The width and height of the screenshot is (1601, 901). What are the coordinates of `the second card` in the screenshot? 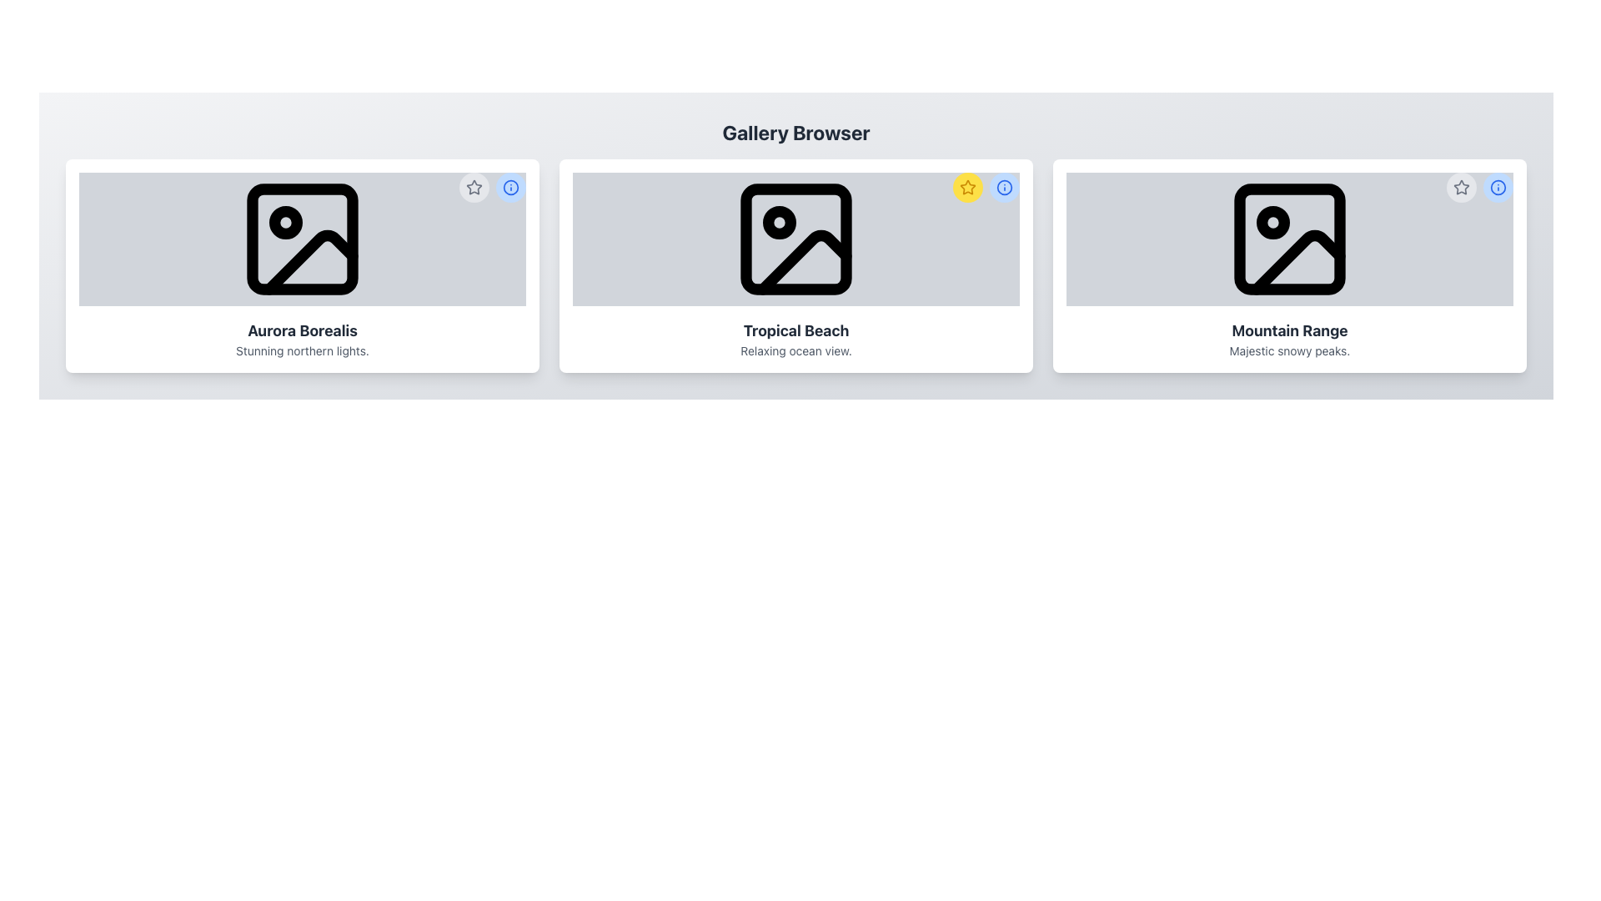 It's located at (795, 265).